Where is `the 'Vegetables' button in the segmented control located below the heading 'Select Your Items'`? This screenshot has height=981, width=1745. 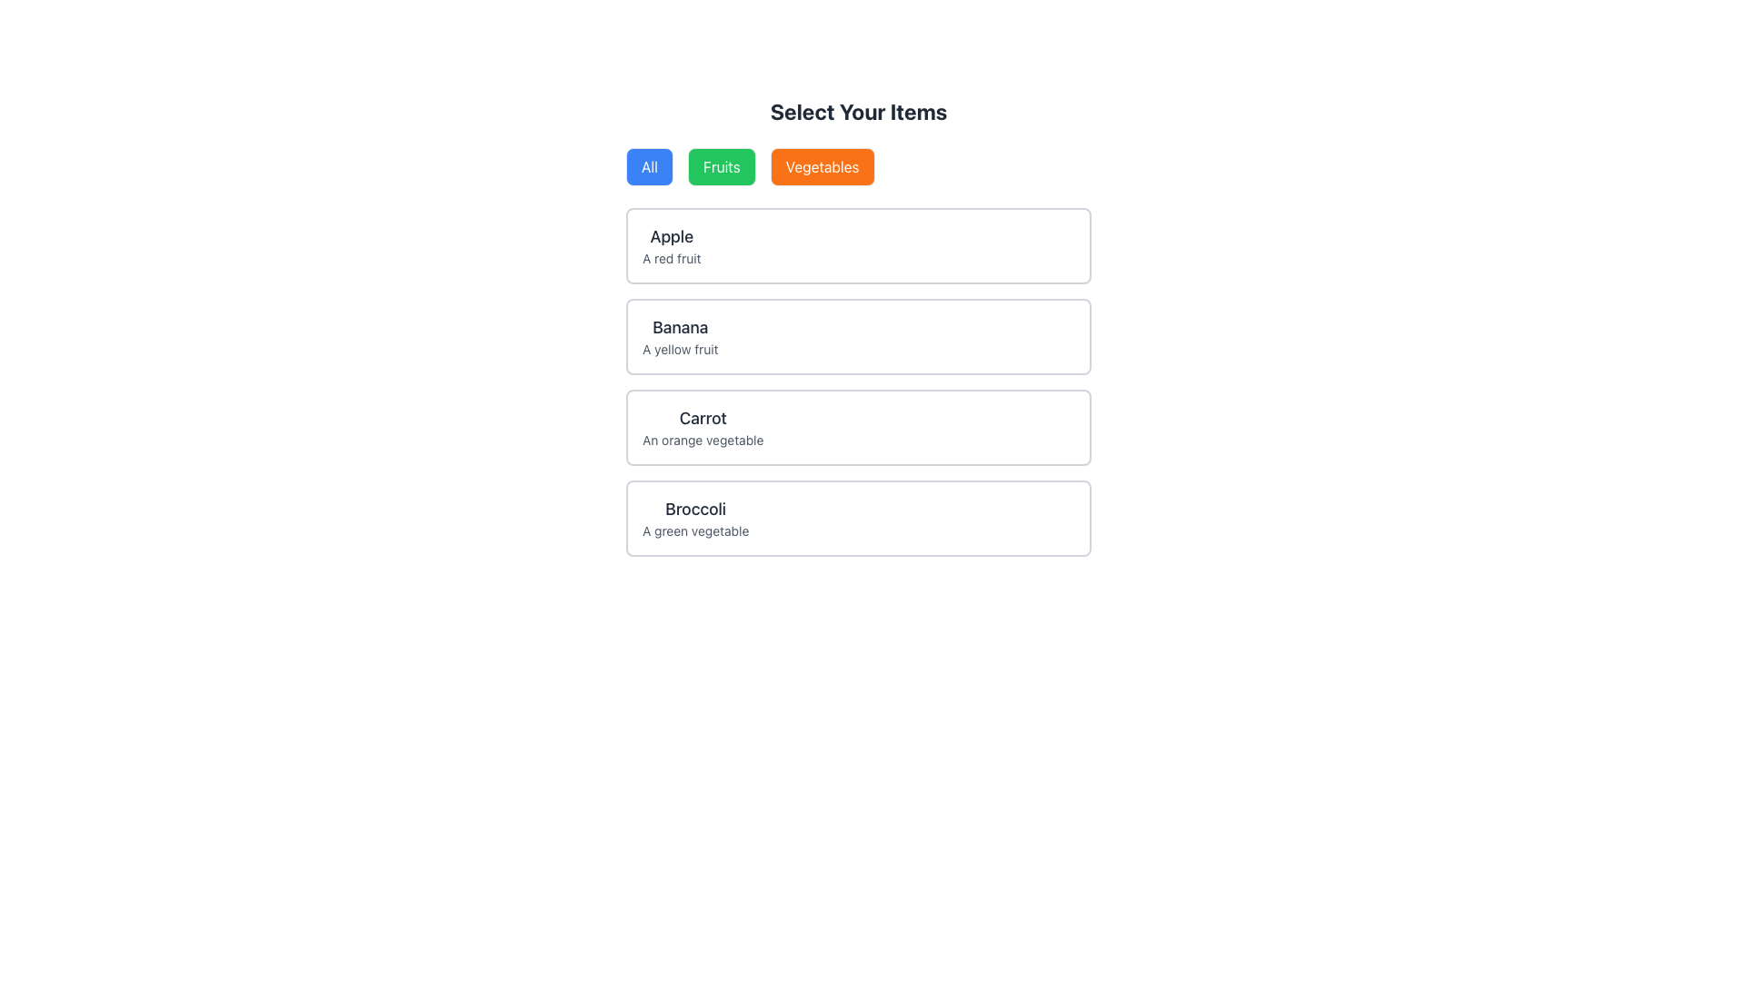
the 'Vegetables' button in the segmented control located below the heading 'Select Your Items' is located at coordinates (858, 167).